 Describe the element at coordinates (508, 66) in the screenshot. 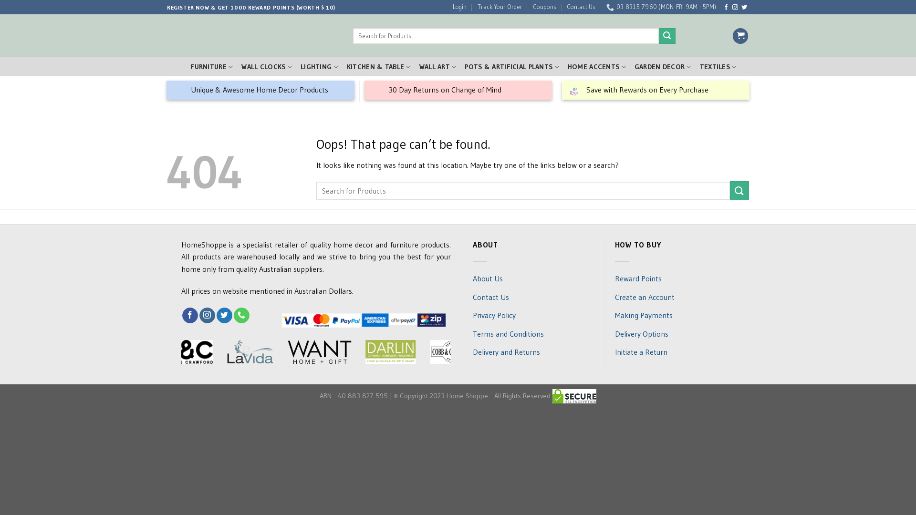

I see `'POTS & ARTIFICIAL PLANTS'` at that location.